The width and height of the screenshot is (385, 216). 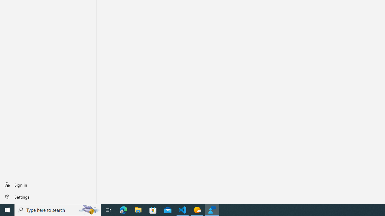 What do you see at coordinates (58, 209) in the screenshot?
I see `'Type here to search'` at bounding box center [58, 209].